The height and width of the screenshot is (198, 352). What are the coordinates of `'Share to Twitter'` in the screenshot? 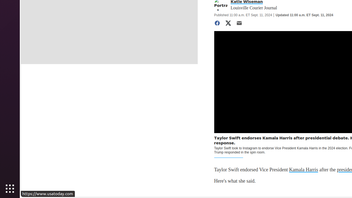 It's located at (228, 23).